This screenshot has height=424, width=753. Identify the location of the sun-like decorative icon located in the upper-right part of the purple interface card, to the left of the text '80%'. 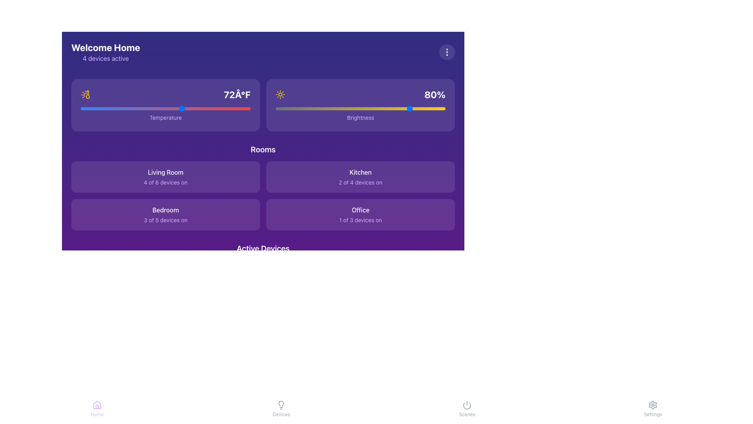
(280, 94).